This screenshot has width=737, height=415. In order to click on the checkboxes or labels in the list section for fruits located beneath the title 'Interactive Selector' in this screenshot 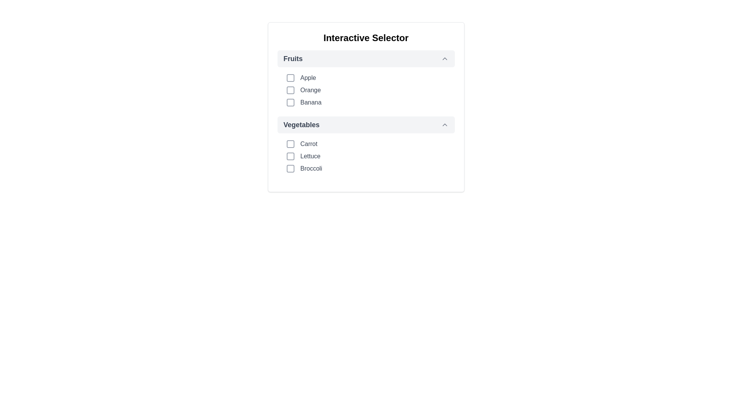, I will do `click(365, 78)`.